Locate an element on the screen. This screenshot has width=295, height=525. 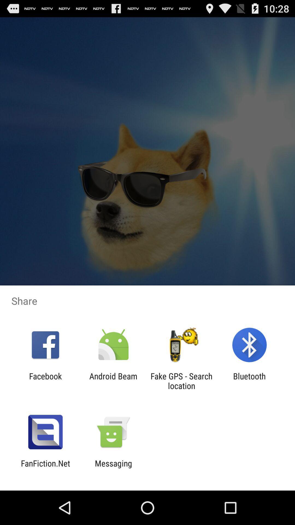
android beam icon is located at coordinates (113, 381).